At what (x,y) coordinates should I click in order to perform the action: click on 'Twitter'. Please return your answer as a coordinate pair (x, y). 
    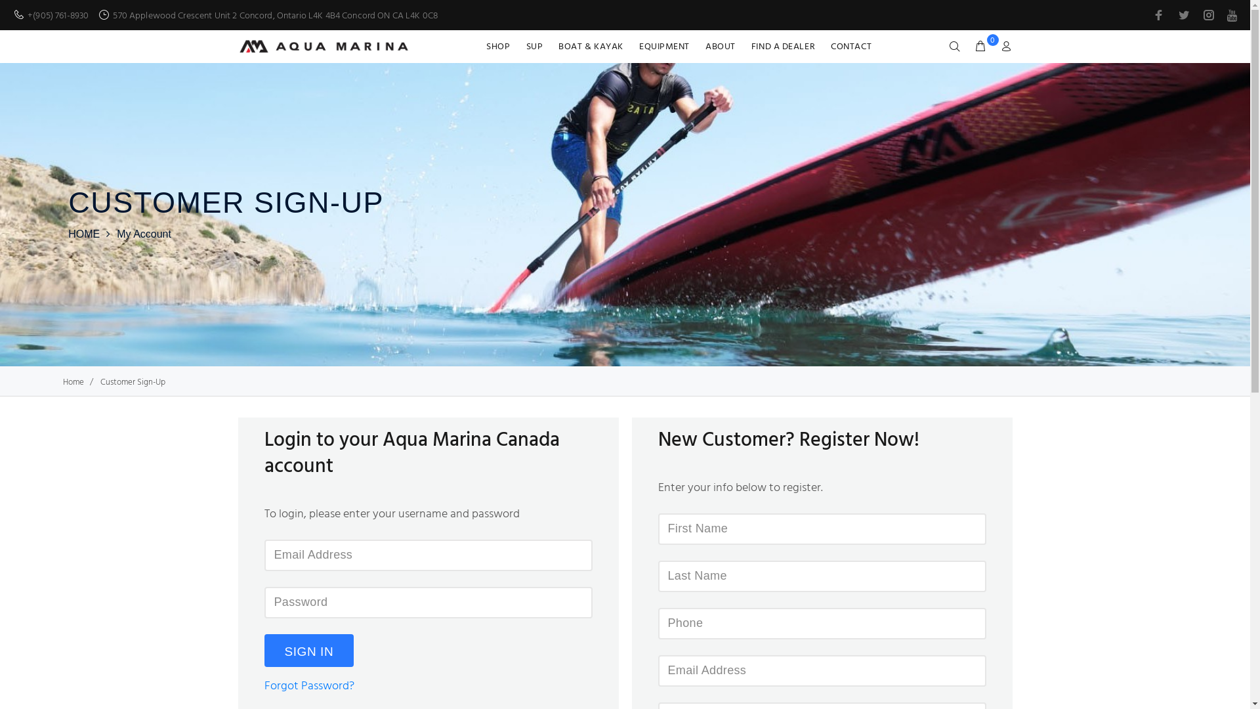
    Looking at the image, I should click on (1184, 15).